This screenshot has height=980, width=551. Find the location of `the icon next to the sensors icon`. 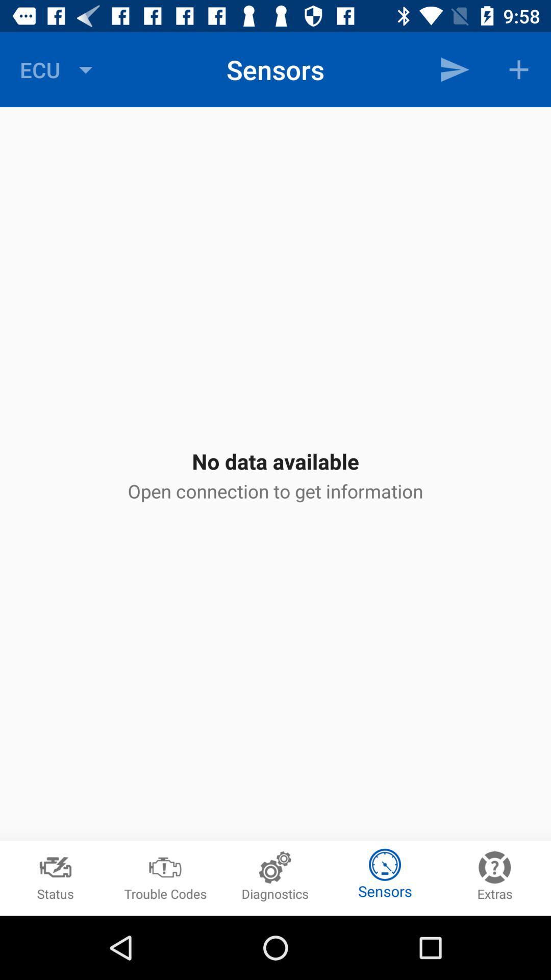

the icon next to the sensors icon is located at coordinates (454, 69).